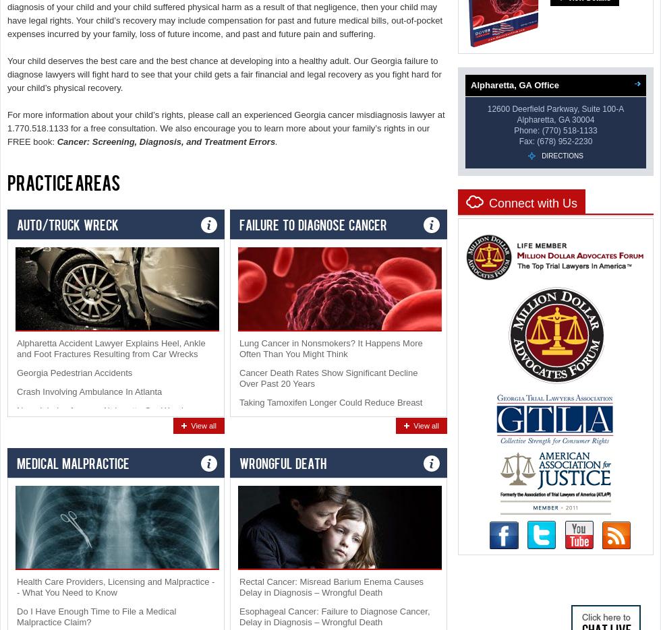 The image size is (661, 630). Describe the element at coordinates (526, 141) in the screenshot. I see `'Fax:'` at that location.